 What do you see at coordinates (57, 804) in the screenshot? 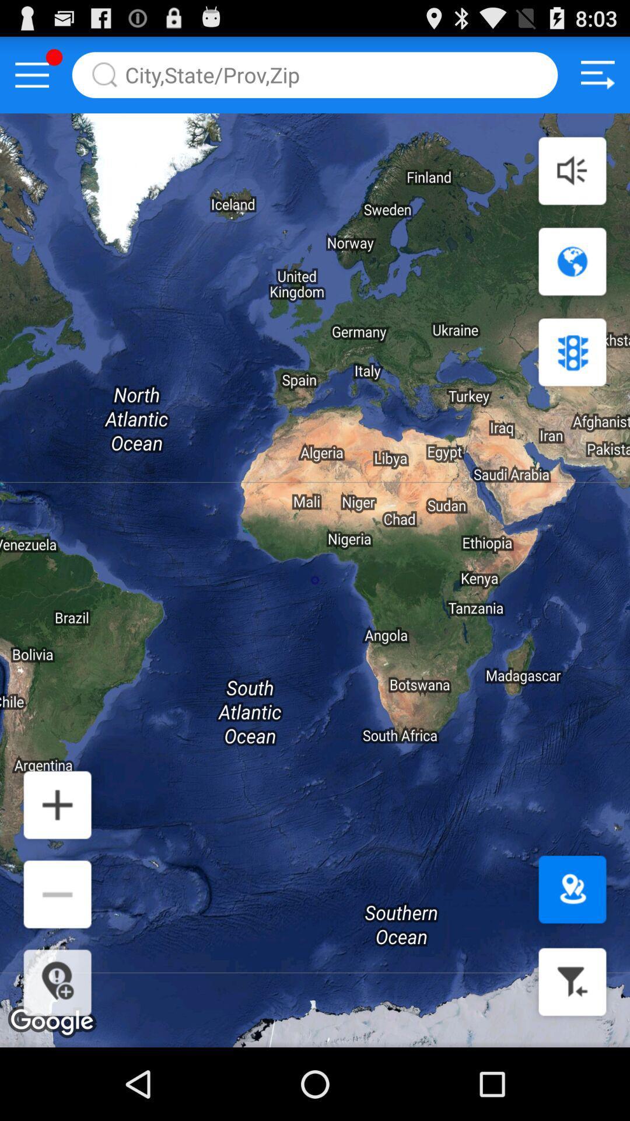
I see `zoom in` at bounding box center [57, 804].